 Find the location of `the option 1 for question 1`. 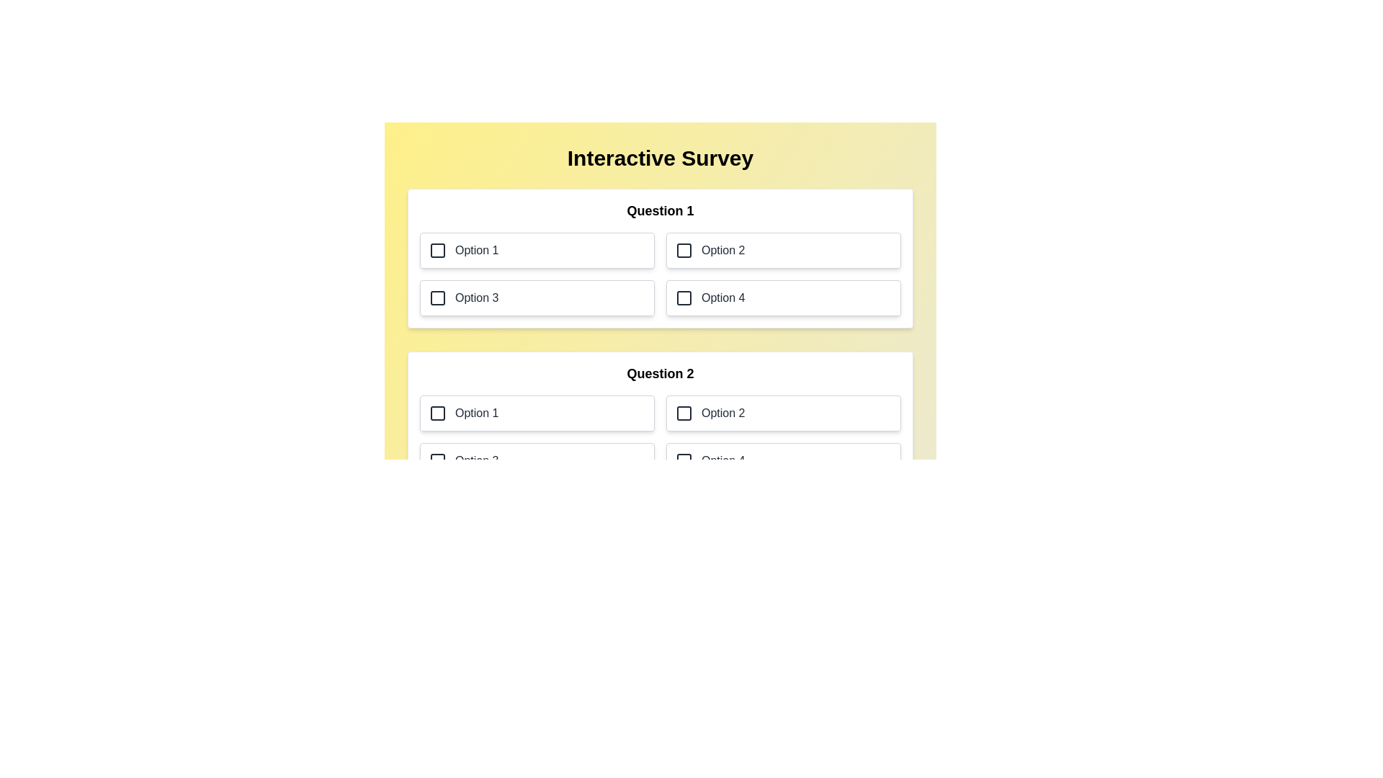

the option 1 for question 1 is located at coordinates (536, 249).